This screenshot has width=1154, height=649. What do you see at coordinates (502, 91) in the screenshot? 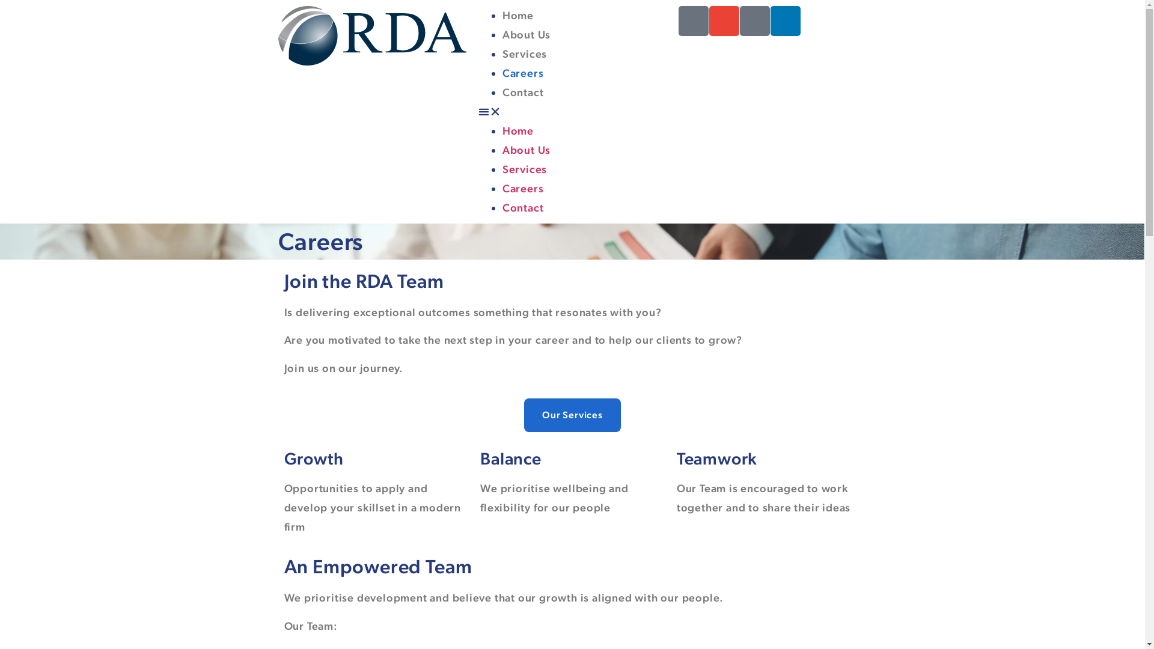
I see `'Contact'` at bounding box center [502, 91].